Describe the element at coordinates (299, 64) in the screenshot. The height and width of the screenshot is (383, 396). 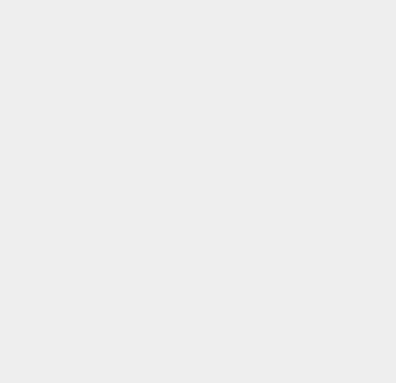
I see `'macOS Monterey'` at that location.